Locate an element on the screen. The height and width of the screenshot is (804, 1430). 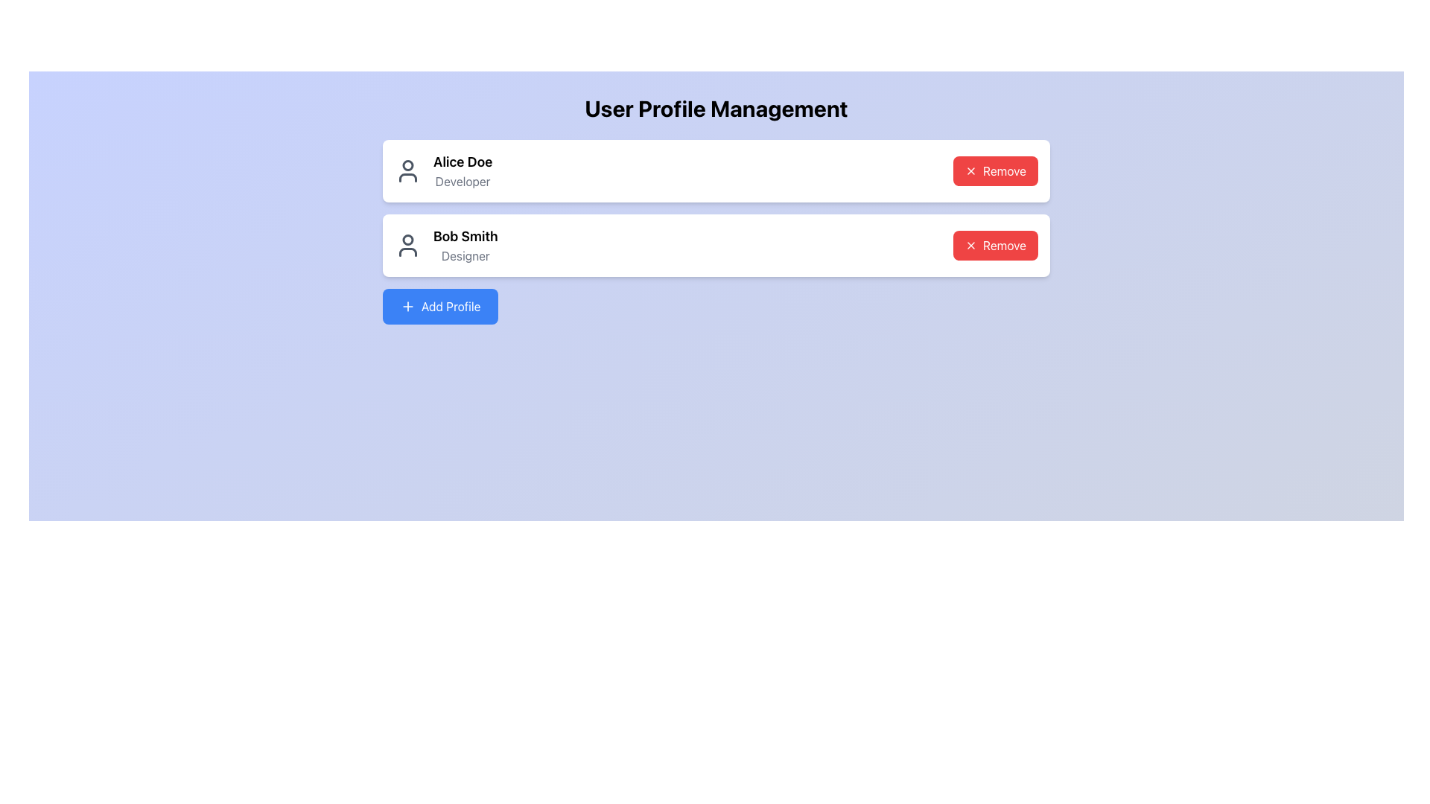
the SVG Circle representing the profile icon of 'Alice Doe' is located at coordinates (407, 165).